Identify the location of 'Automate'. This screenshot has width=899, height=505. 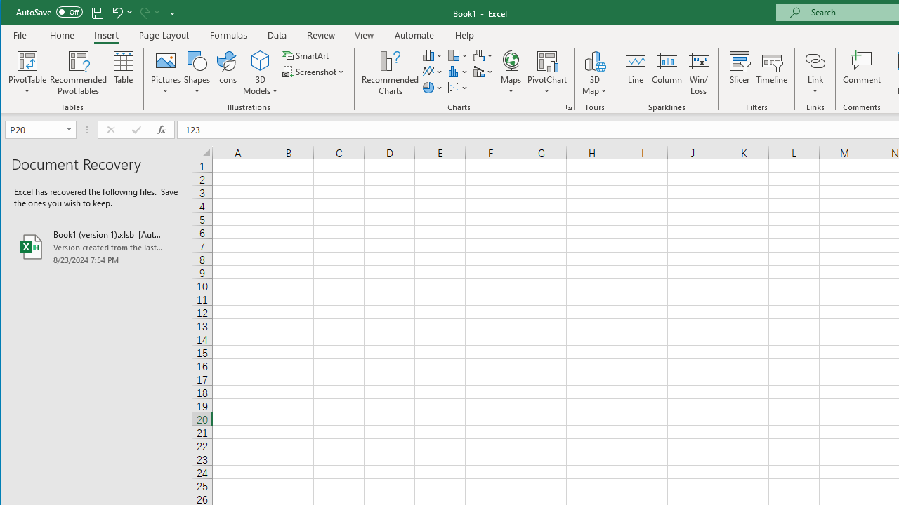
(414, 34).